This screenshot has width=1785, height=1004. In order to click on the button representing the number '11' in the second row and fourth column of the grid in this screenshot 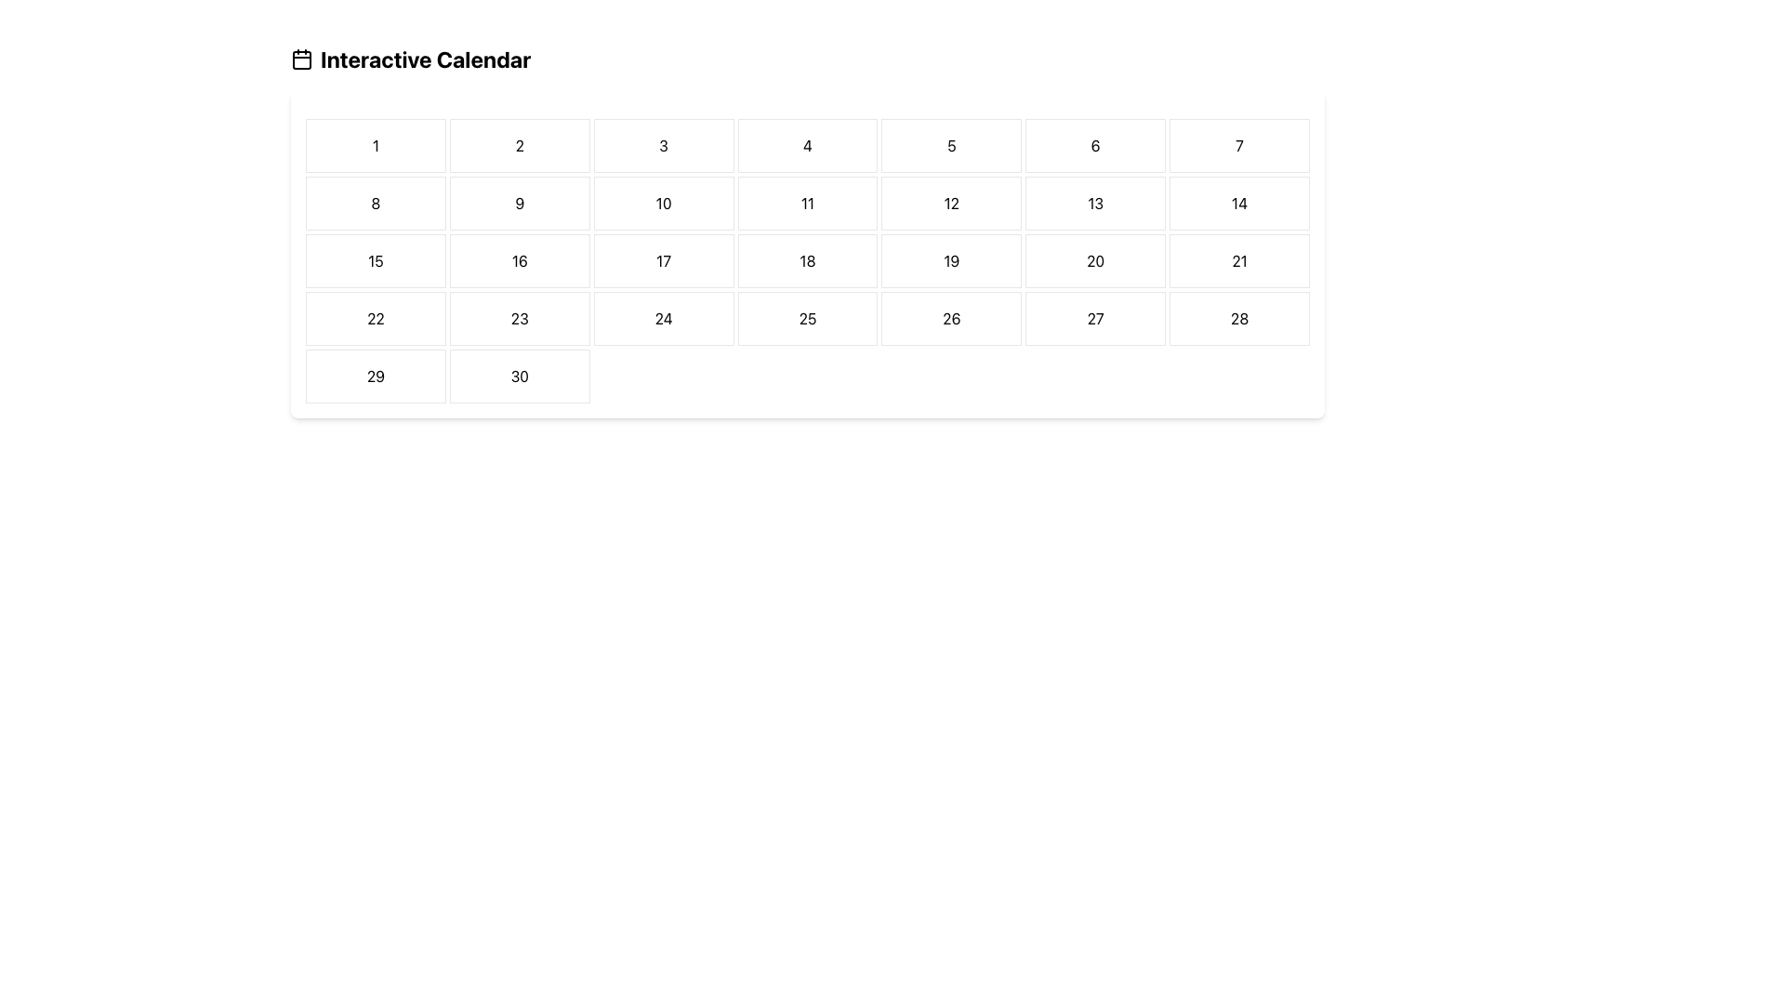, I will do `click(807, 204)`.